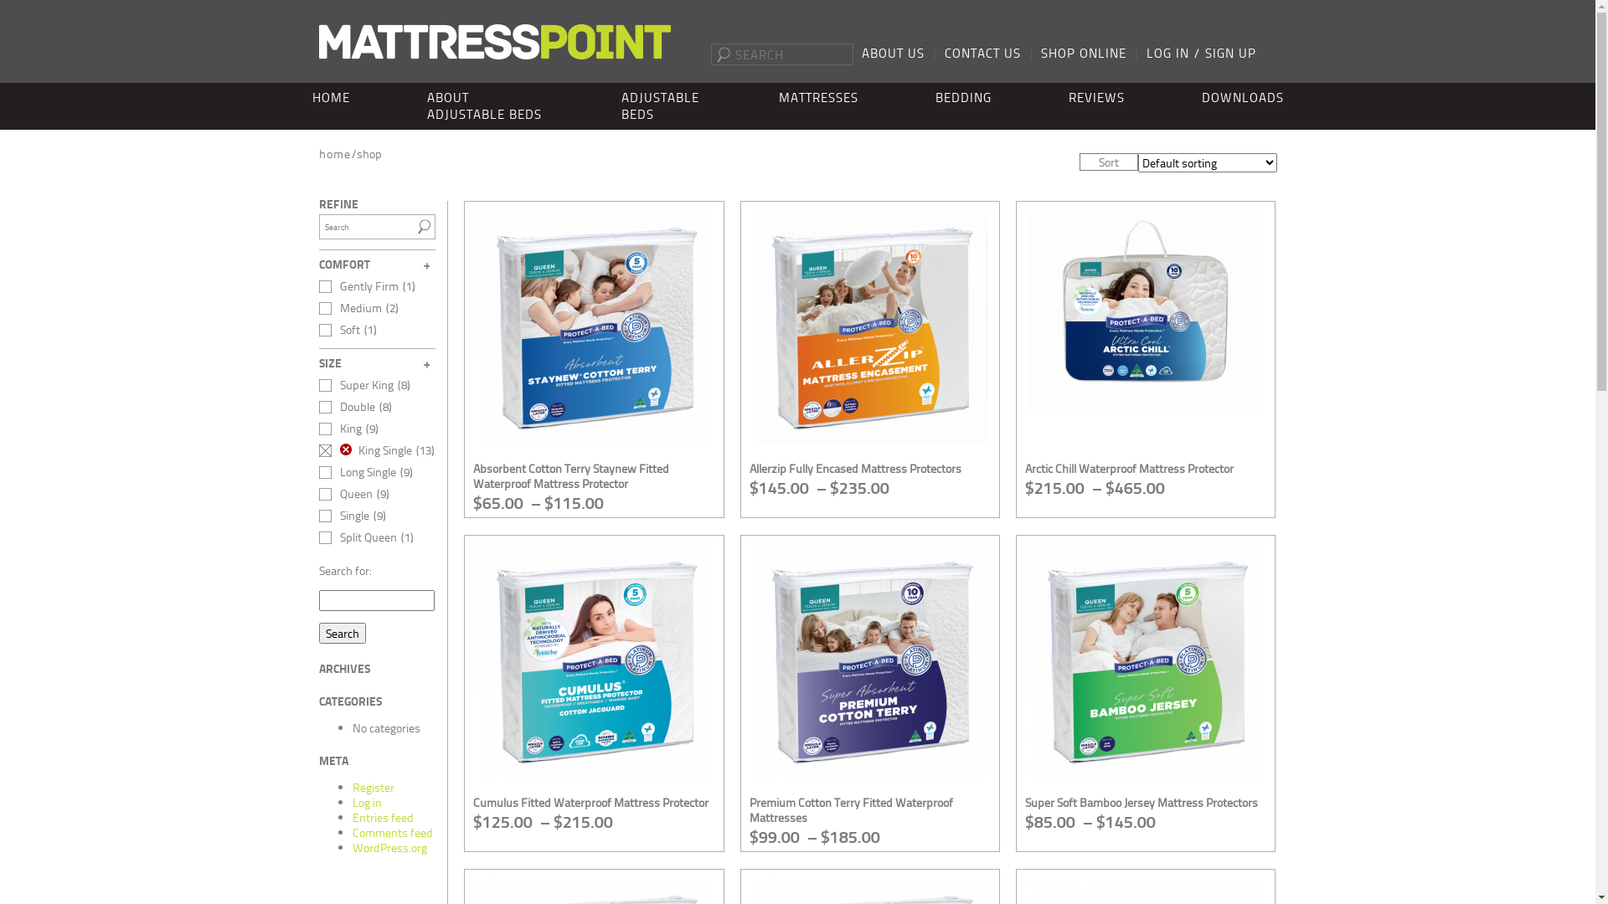  Describe the element at coordinates (1242, 97) in the screenshot. I see `'DOWNLOADS'` at that location.